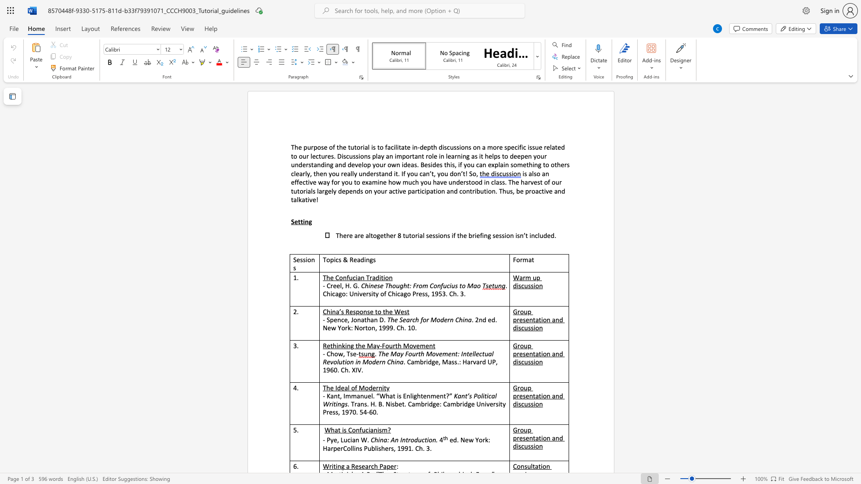  Describe the element at coordinates (533, 156) in the screenshot. I see `the subset text "your understanding and deve" within the text "in learning as it helps to deepen your understanding and develop your own ideas. Besides this, if you can explain something to others clearly, then you really understand it. If you"` at that location.